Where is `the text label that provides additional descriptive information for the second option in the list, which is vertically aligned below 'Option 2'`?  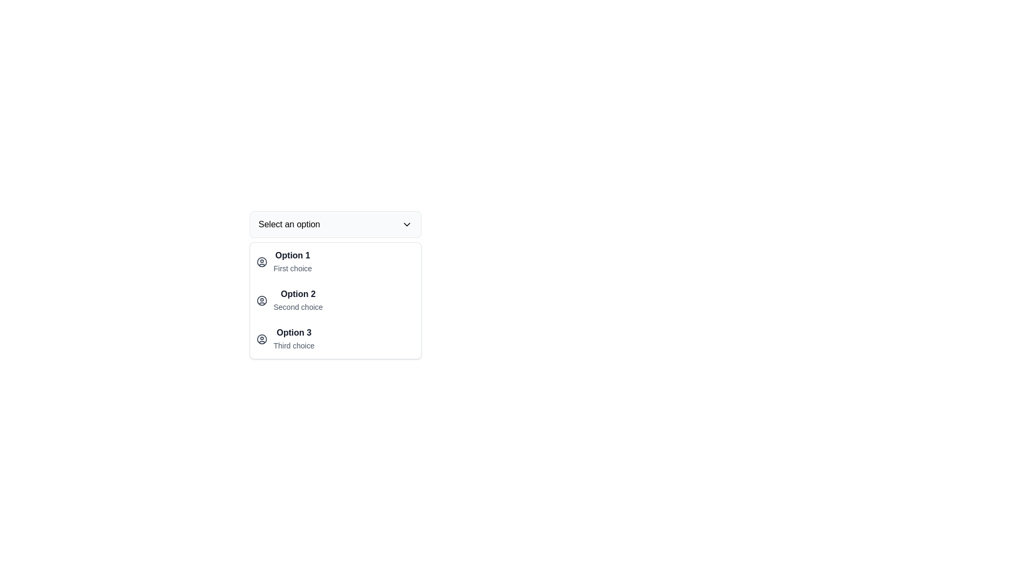
the text label that provides additional descriptive information for the second option in the list, which is vertically aligned below 'Option 2' is located at coordinates (298, 307).